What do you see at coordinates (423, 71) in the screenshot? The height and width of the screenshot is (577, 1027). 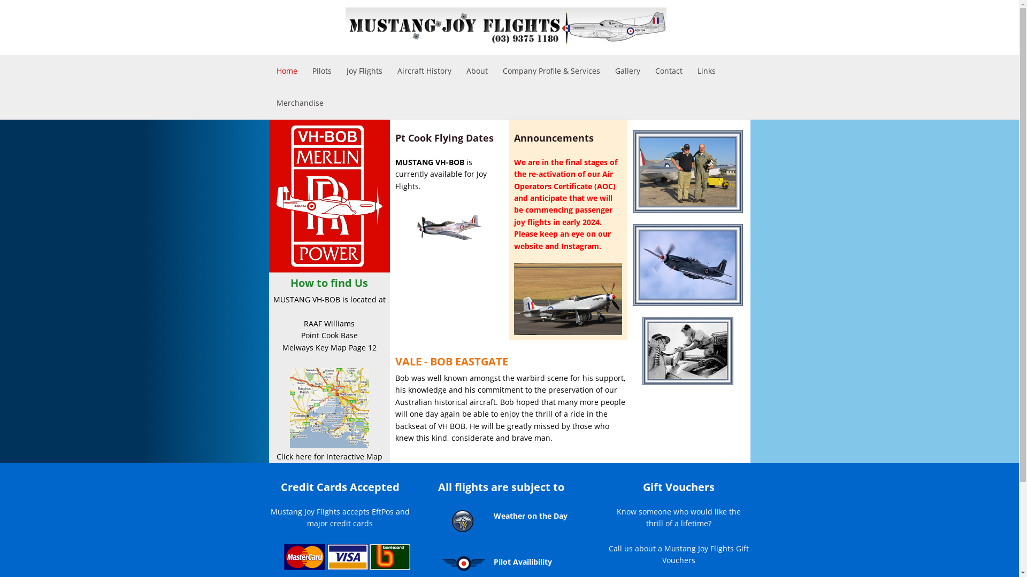 I see `'Aircraft History'` at bounding box center [423, 71].